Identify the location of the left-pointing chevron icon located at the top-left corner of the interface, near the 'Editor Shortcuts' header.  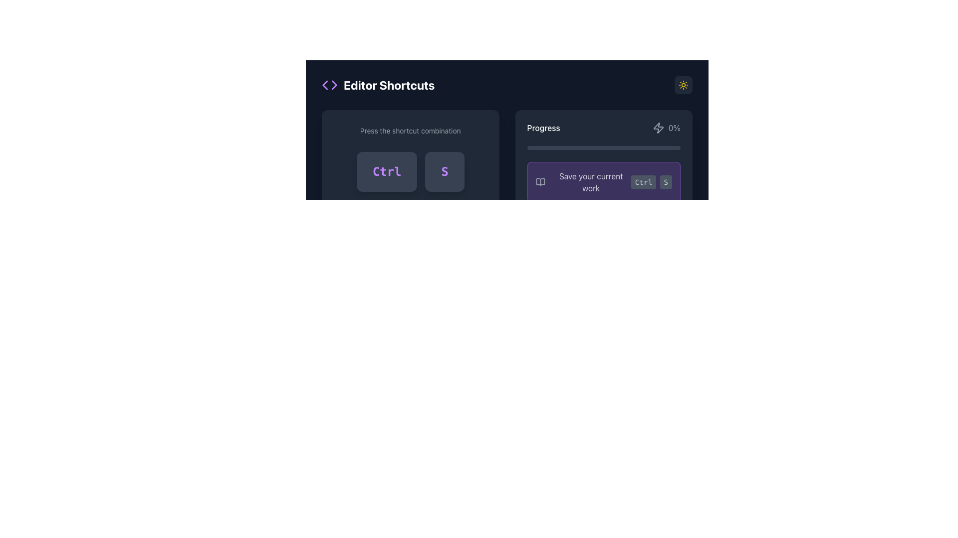
(325, 84).